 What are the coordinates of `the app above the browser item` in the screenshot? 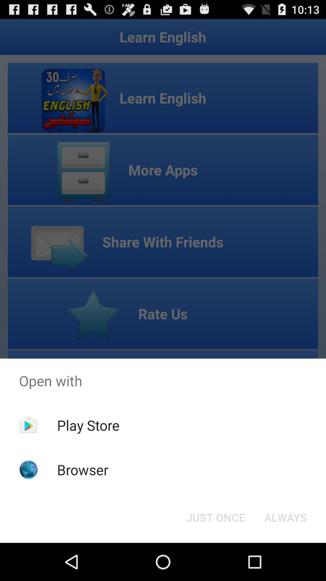 It's located at (88, 425).